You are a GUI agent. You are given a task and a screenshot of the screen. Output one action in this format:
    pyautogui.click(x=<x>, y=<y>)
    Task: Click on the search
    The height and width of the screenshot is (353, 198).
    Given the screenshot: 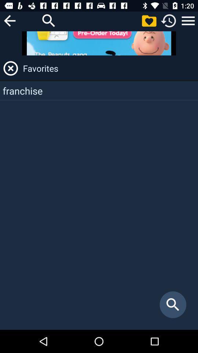 What is the action you would take?
    pyautogui.click(x=49, y=20)
    